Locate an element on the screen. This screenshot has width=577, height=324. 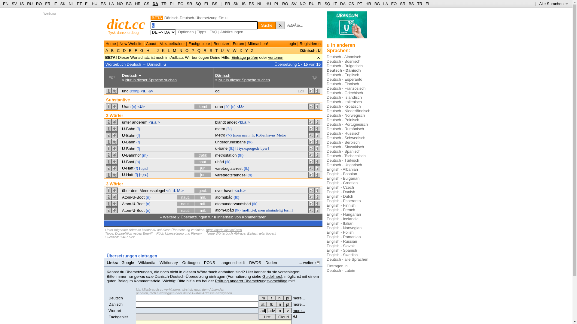
'Suche' is located at coordinates (267, 25).